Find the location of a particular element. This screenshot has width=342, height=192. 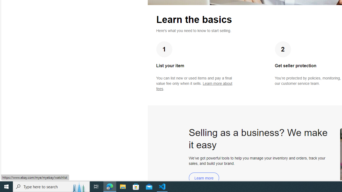

'Learn more' is located at coordinates (204, 178).